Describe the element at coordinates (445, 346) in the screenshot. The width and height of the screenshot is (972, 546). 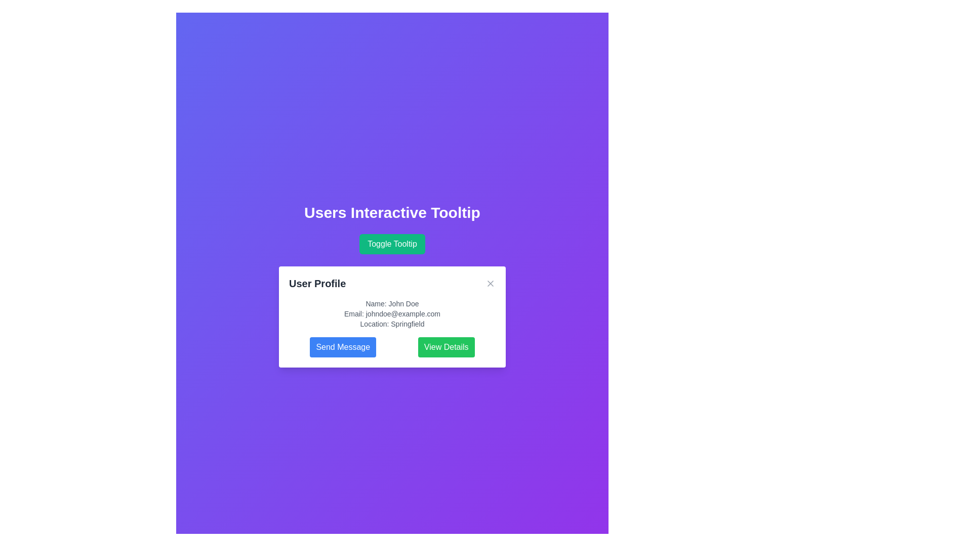
I see `the button that allows users` at that location.